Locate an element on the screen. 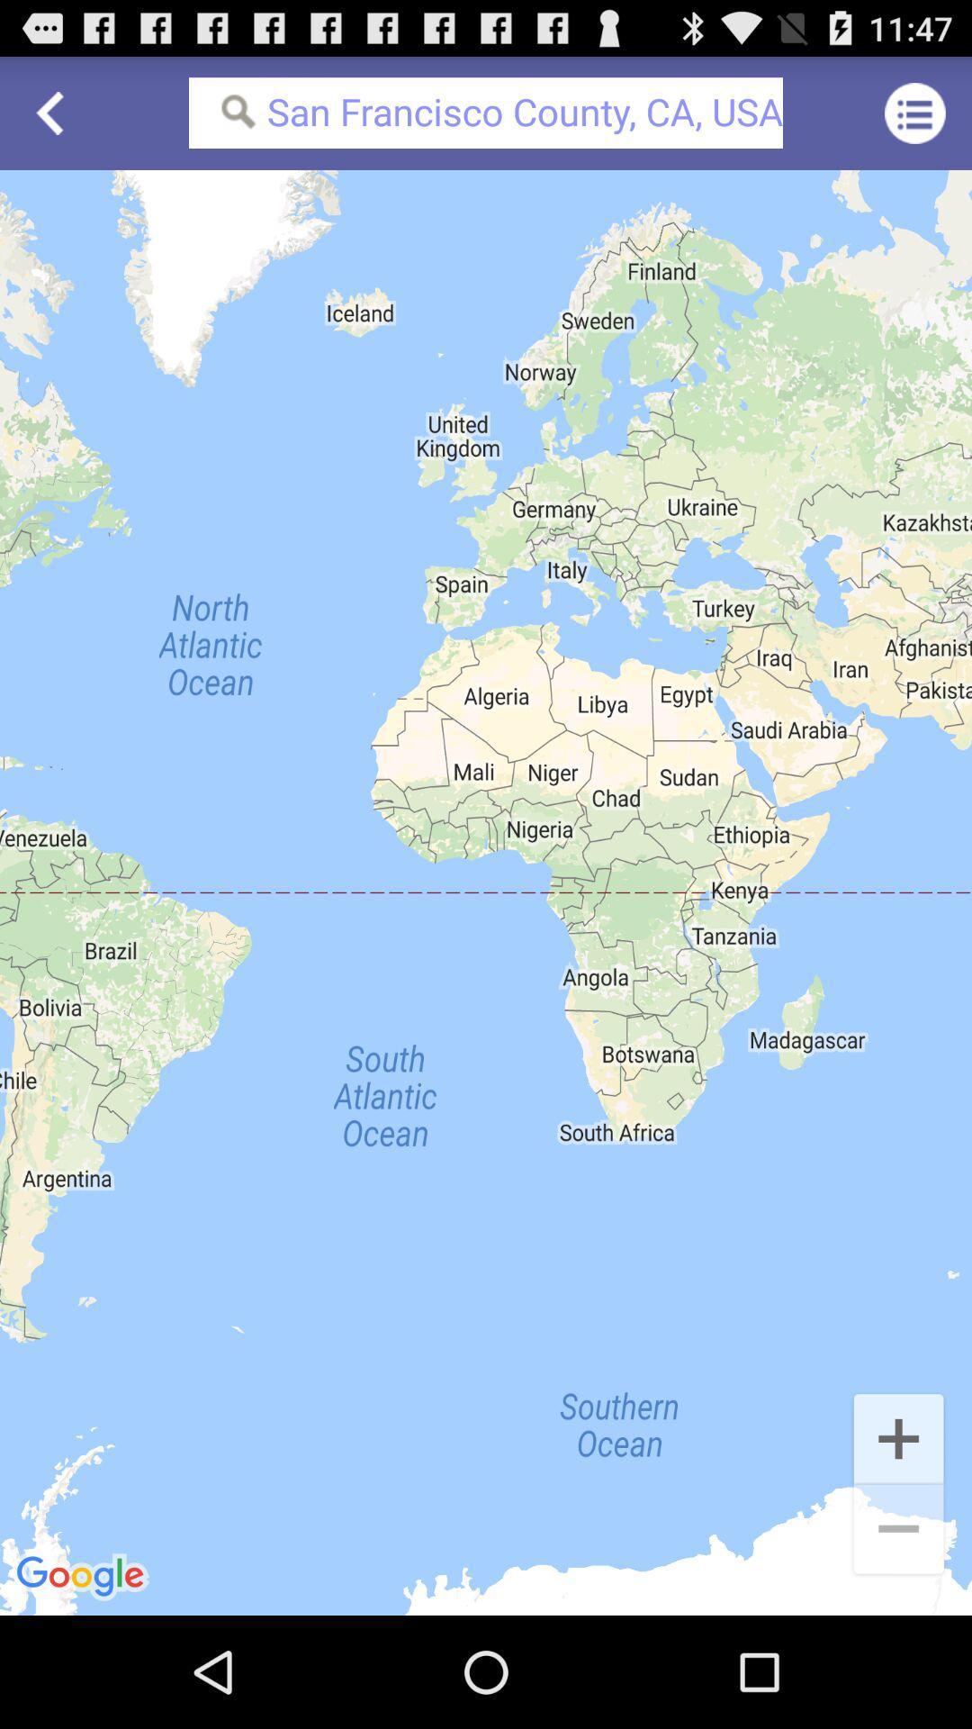  the list icon is located at coordinates (915, 120).